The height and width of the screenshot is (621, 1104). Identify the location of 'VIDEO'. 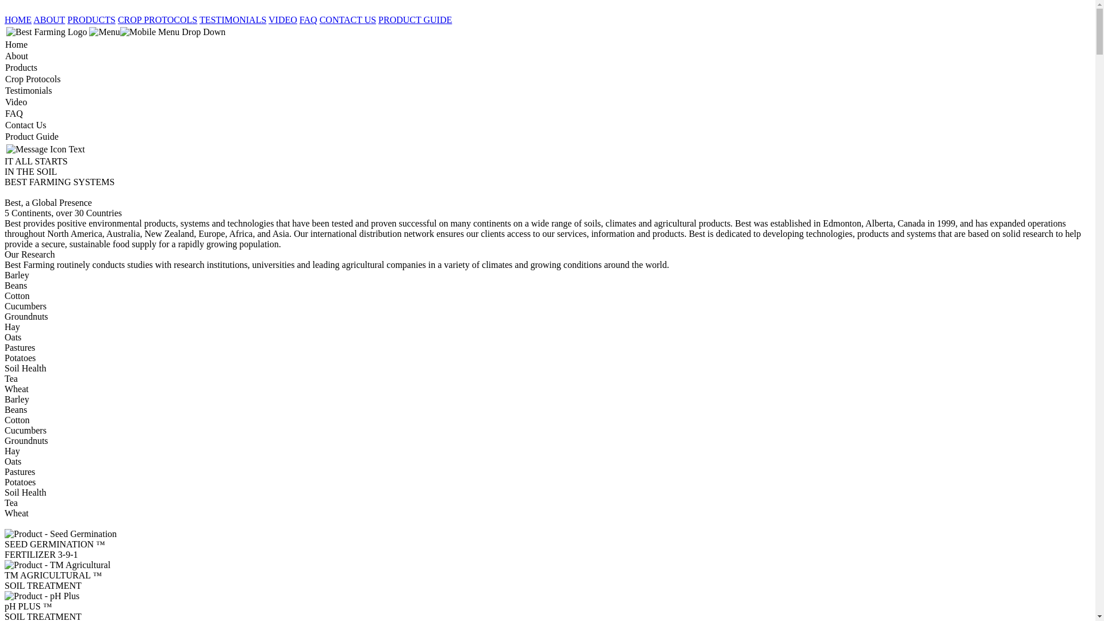
(282, 20).